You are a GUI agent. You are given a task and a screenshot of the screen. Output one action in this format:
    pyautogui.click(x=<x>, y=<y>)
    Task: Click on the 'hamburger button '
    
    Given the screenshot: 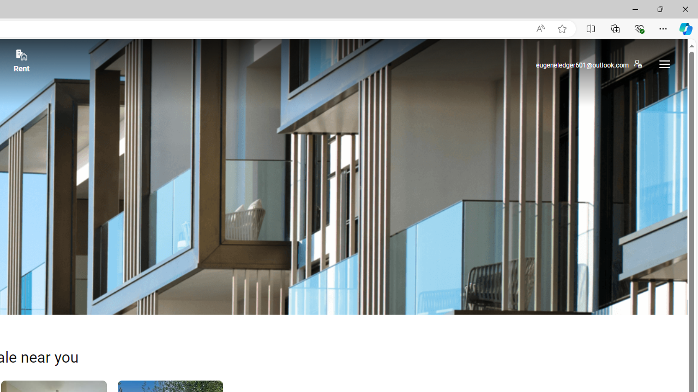 What is the action you would take?
    pyautogui.click(x=664, y=64)
    